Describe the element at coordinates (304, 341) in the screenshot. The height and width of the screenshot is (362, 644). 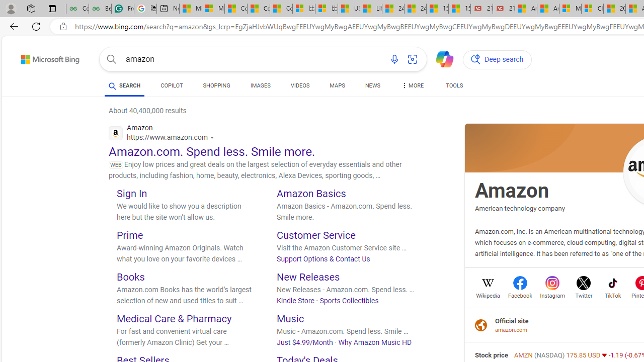
I see `'Just $4.99/Month'` at that location.